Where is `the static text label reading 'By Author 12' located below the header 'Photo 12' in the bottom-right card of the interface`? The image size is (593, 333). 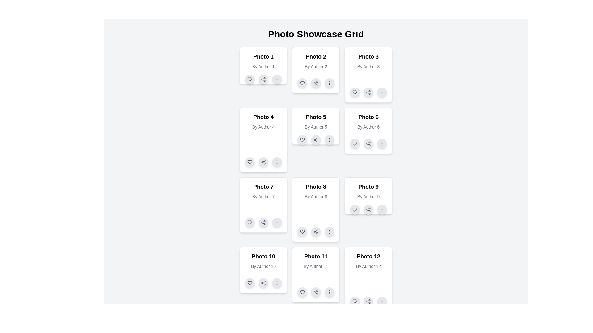 the static text label reading 'By Author 12' located below the header 'Photo 12' in the bottom-right card of the interface is located at coordinates (368, 266).